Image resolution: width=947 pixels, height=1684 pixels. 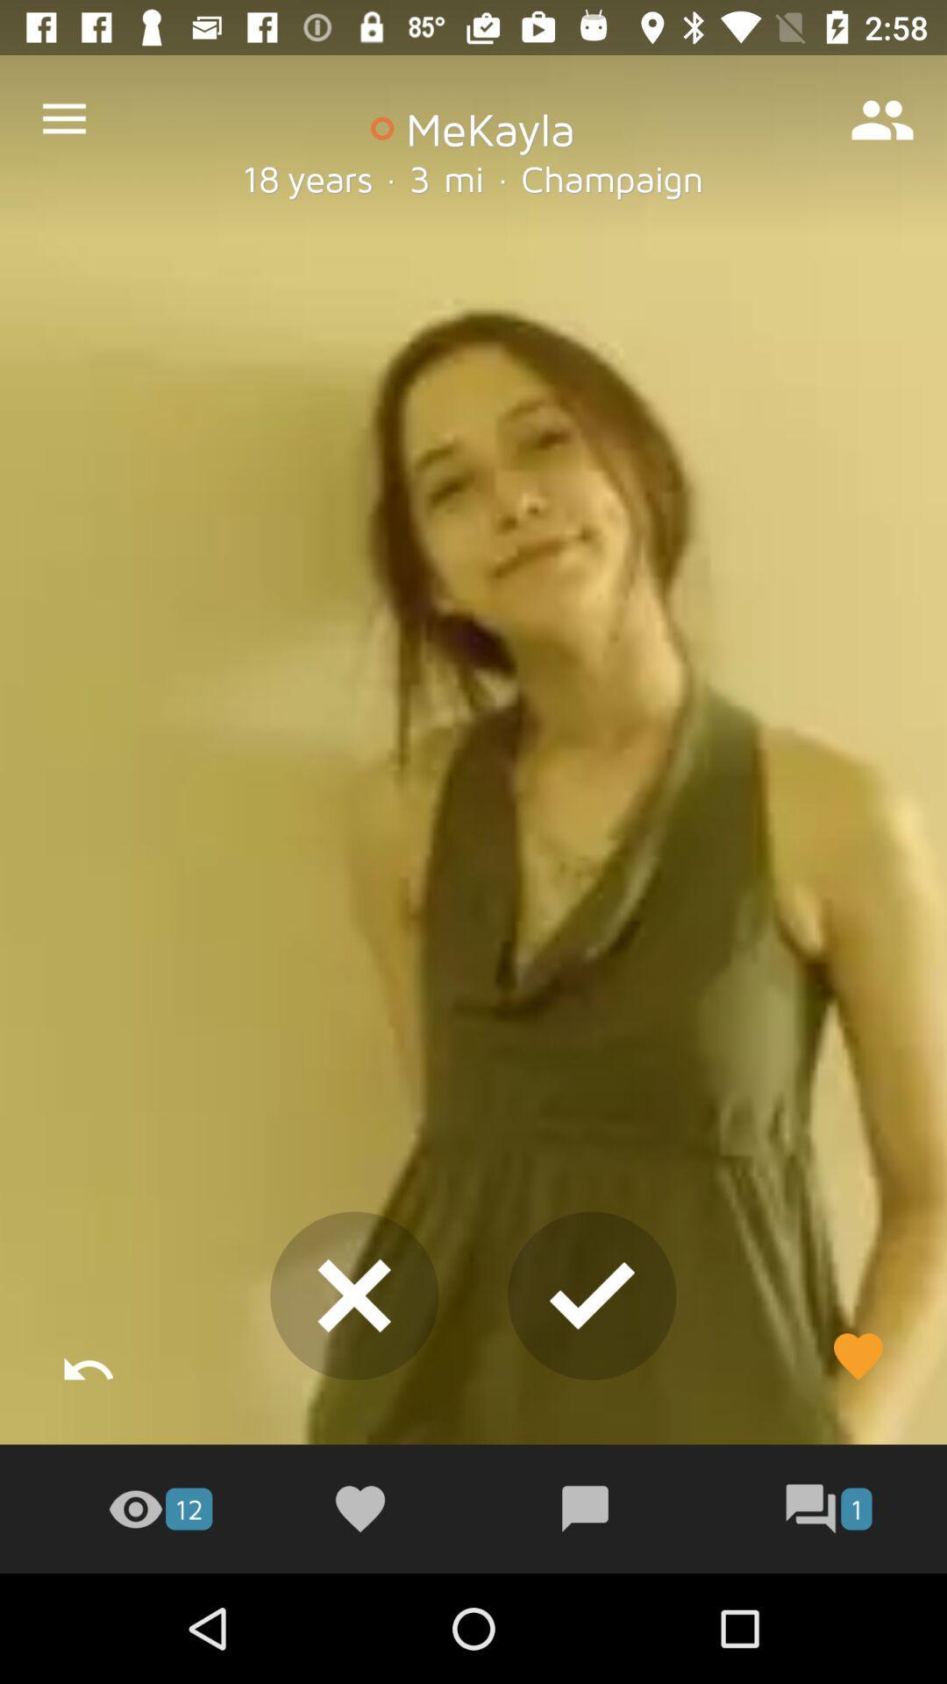 What do you see at coordinates (592, 1295) in the screenshot?
I see `the check icon` at bounding box center [592, 1295].